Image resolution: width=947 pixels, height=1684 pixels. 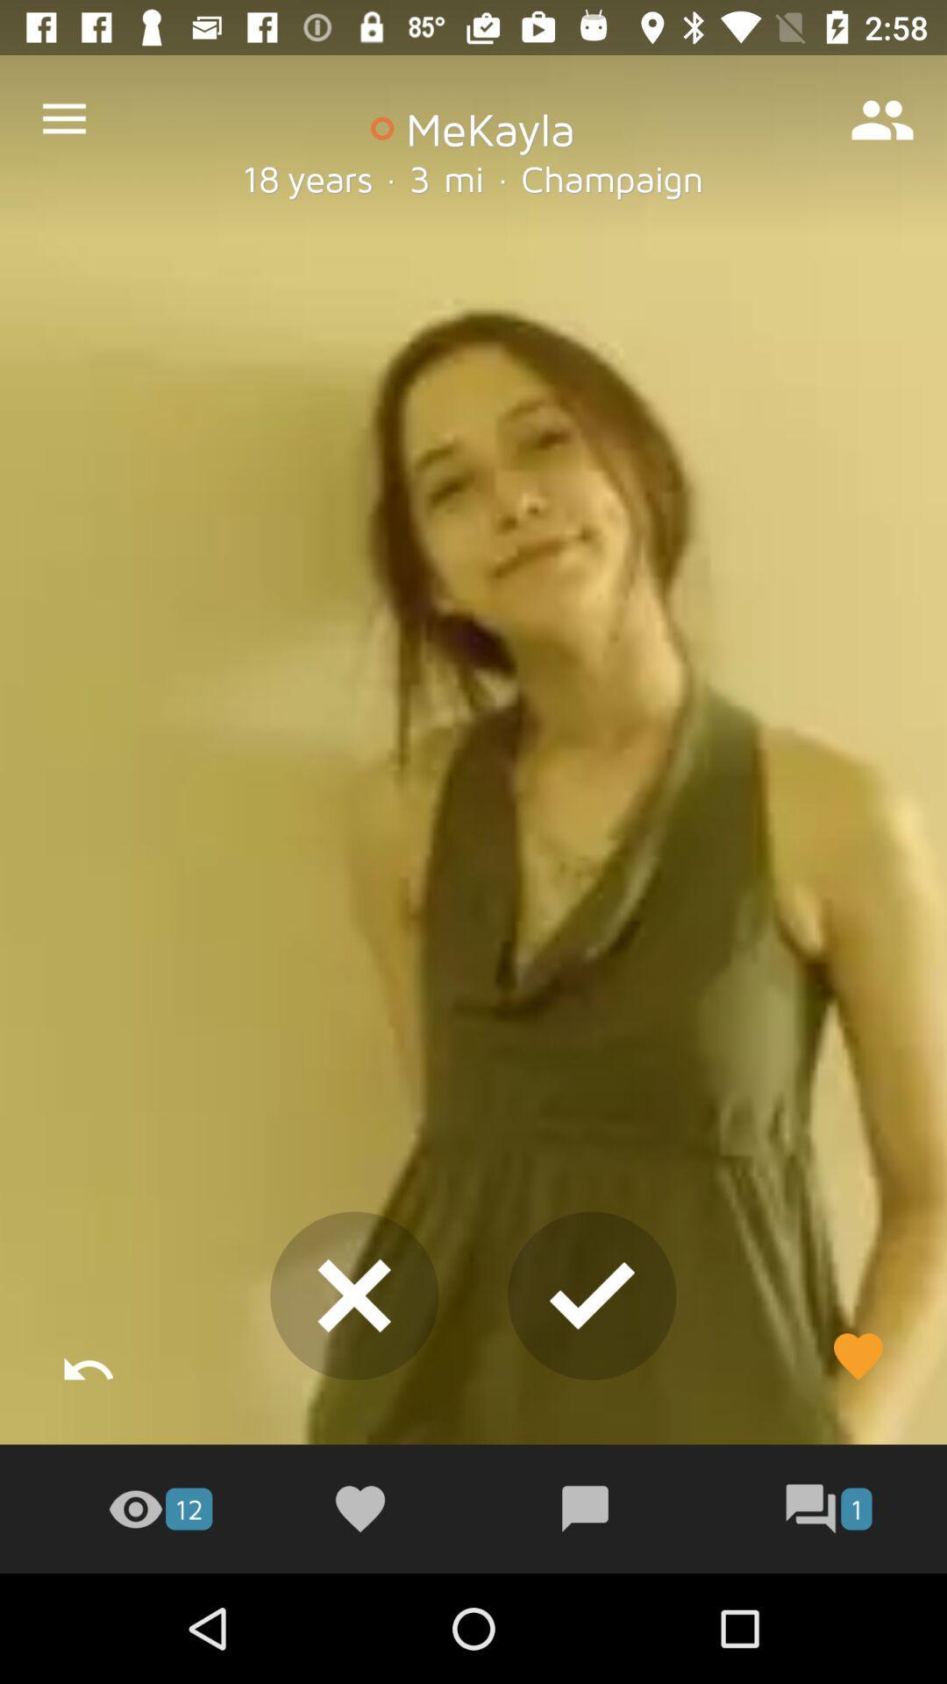 What do you see at coordinates (592, 1295) in the screenshot?
I see `the check icon` at bounding box center [592, 1295].